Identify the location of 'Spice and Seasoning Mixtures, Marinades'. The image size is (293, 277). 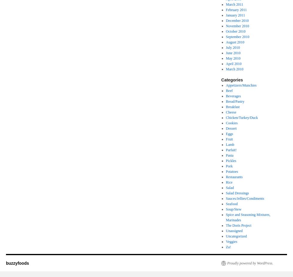
(248, 217).